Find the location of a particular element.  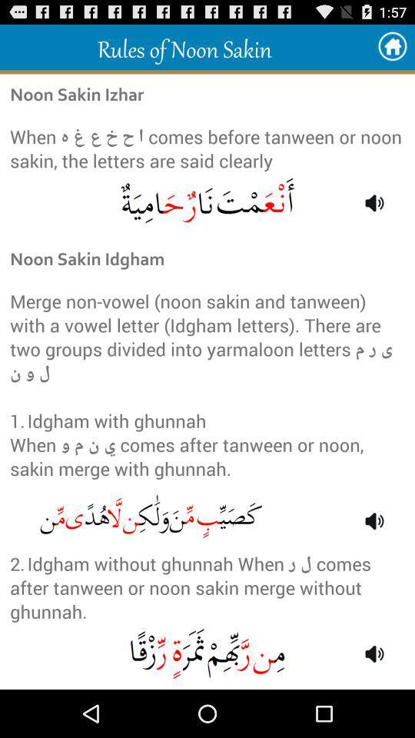

the first volume symbol from top is located at coordinates (373, 202).